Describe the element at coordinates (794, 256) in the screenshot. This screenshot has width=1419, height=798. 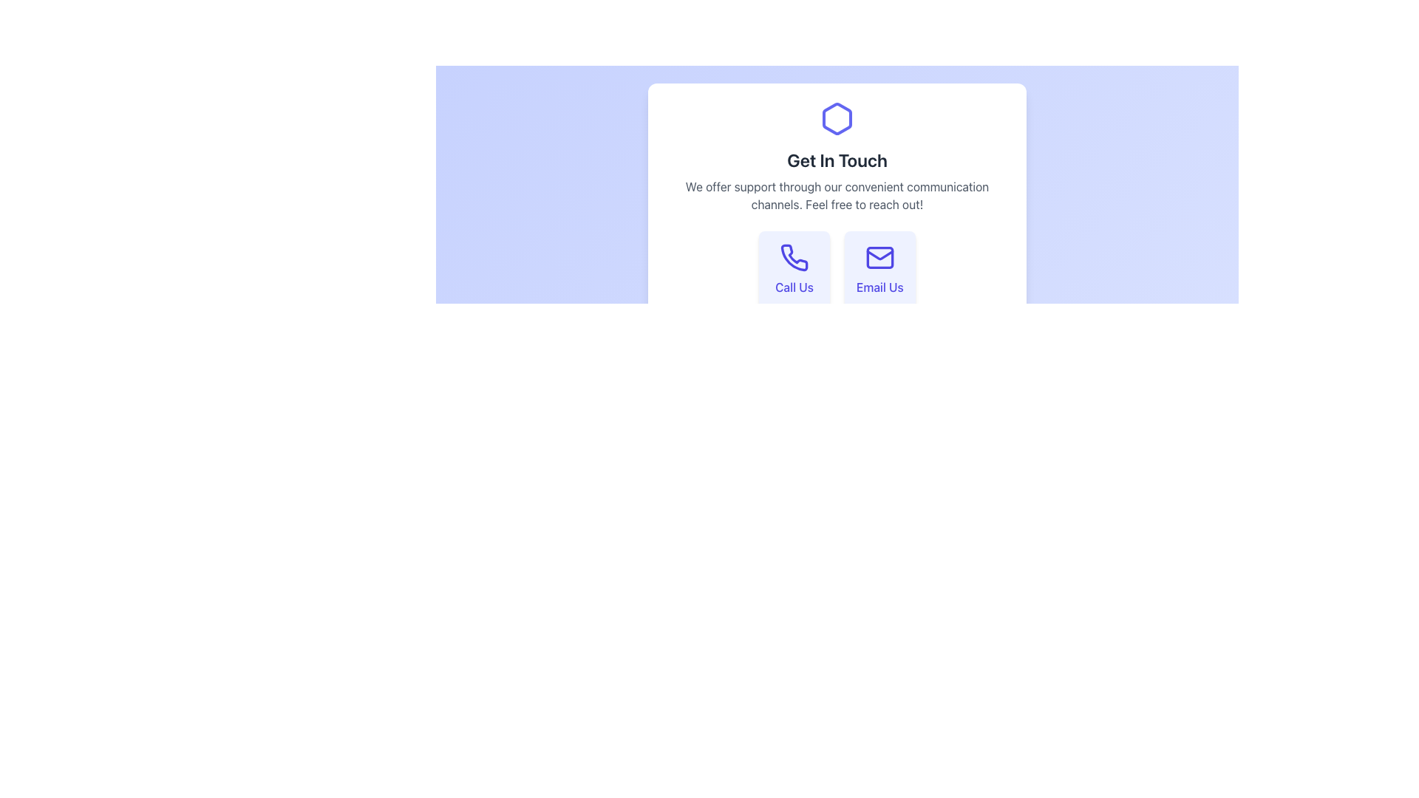
I see `the 'Call Us' icon that visually indicates phone communication, which is centrally aligned above the text 'Call Us' in a button layout` at that location.